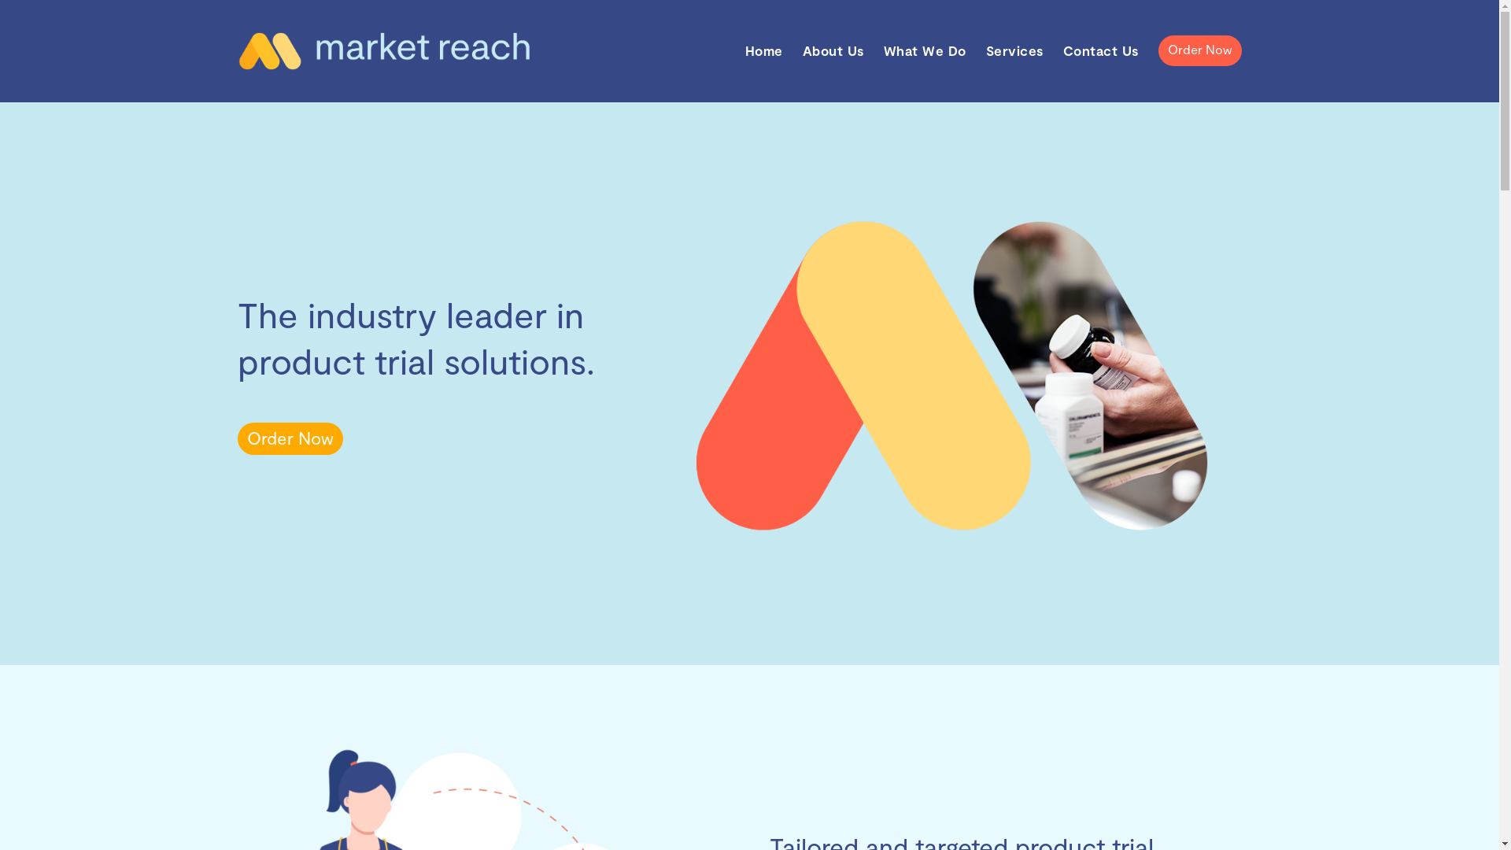  What do you see at coordinates (1199, 50) in the screenshot?
I see `'Order Now'` at bounding box center [1199, 50].